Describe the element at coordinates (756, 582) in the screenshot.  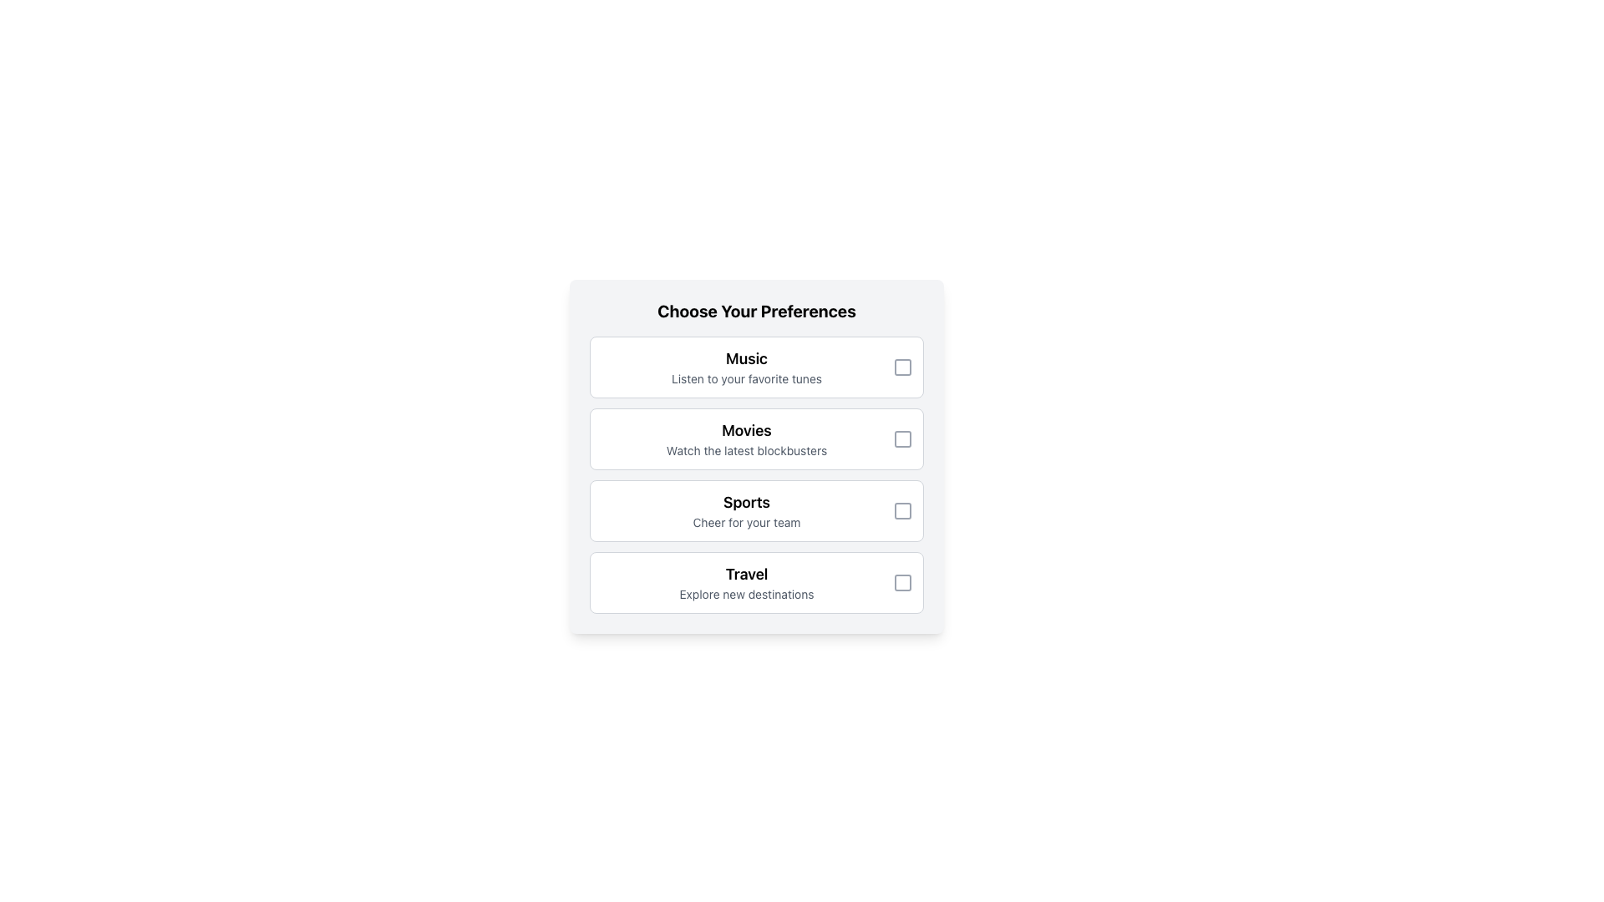
I see `the 'Travel' option card with the checkbox and descriptive text 'Explore new destinations' located in the vertical list labeled 'Choose Your Preferences'` at that location.